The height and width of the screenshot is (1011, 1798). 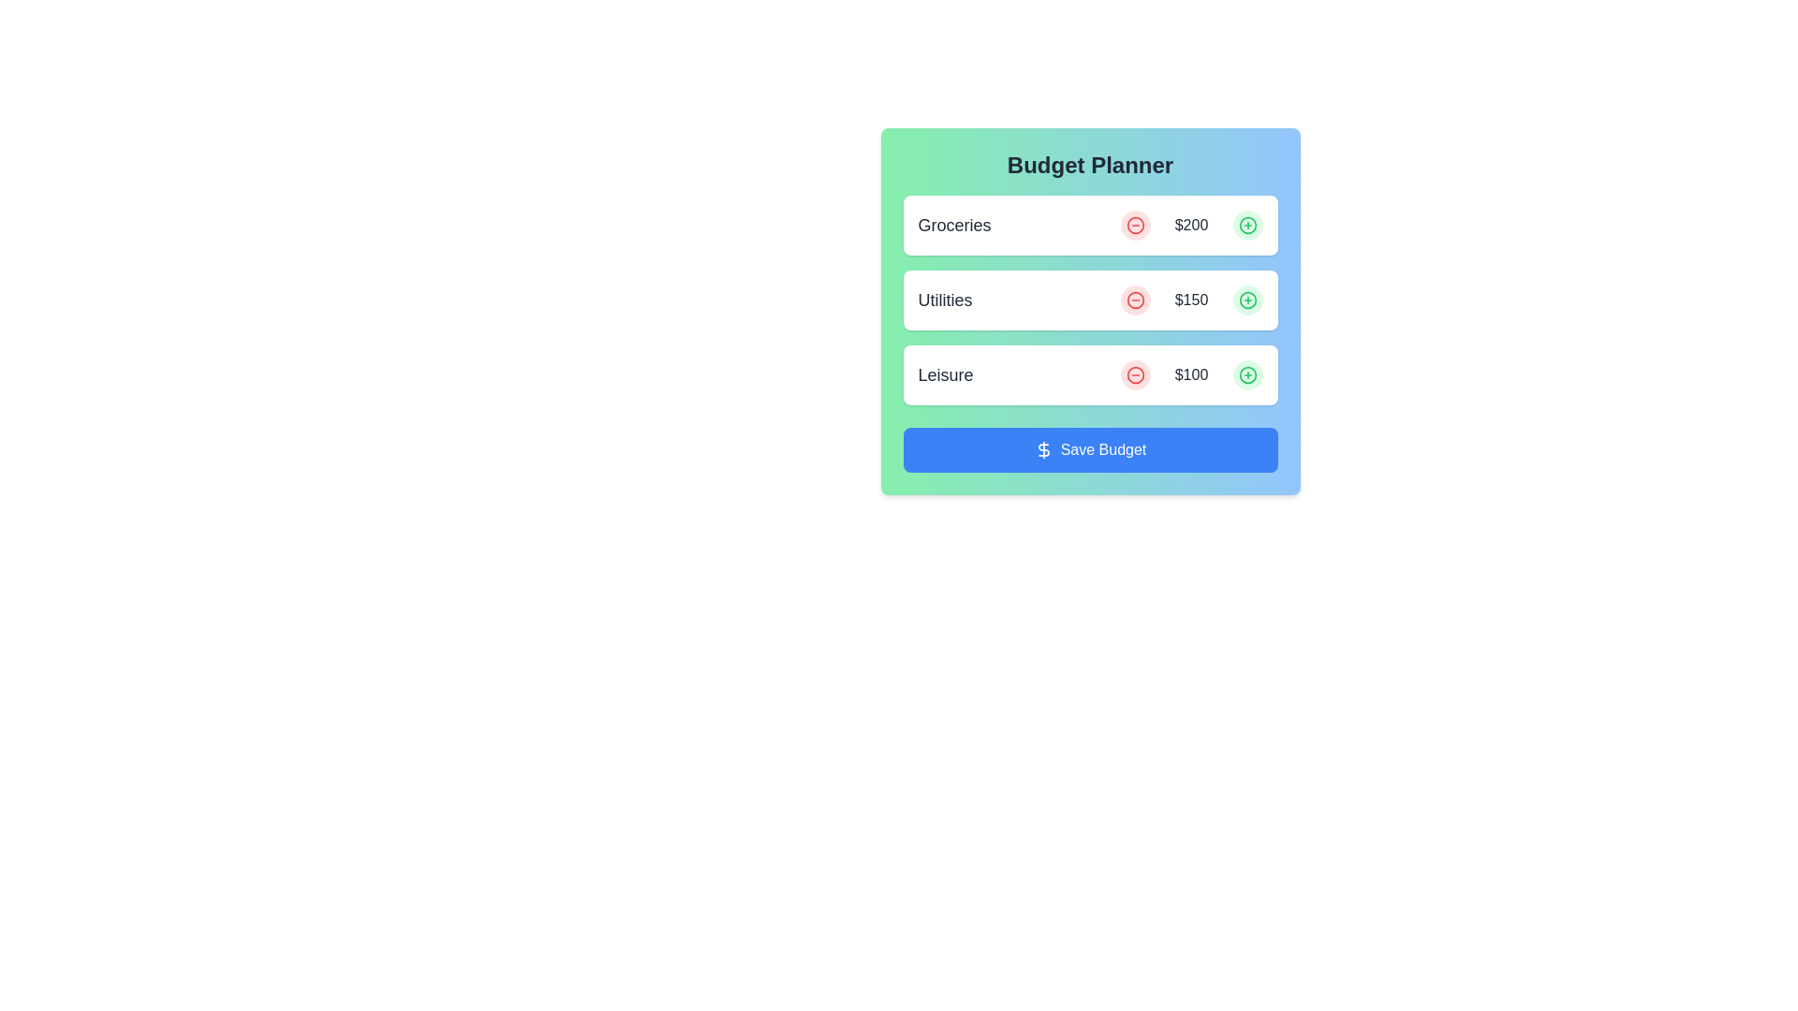 What do you see at coordinates (1190, 375) in the screenshot?
I see `the numeric dollar amount ('$100') text label in bold, located in the third row under 'Leisure' in the 'Budget Planner' section, situated between the decrement and increment buttons` at bounding box center [1190, 375].